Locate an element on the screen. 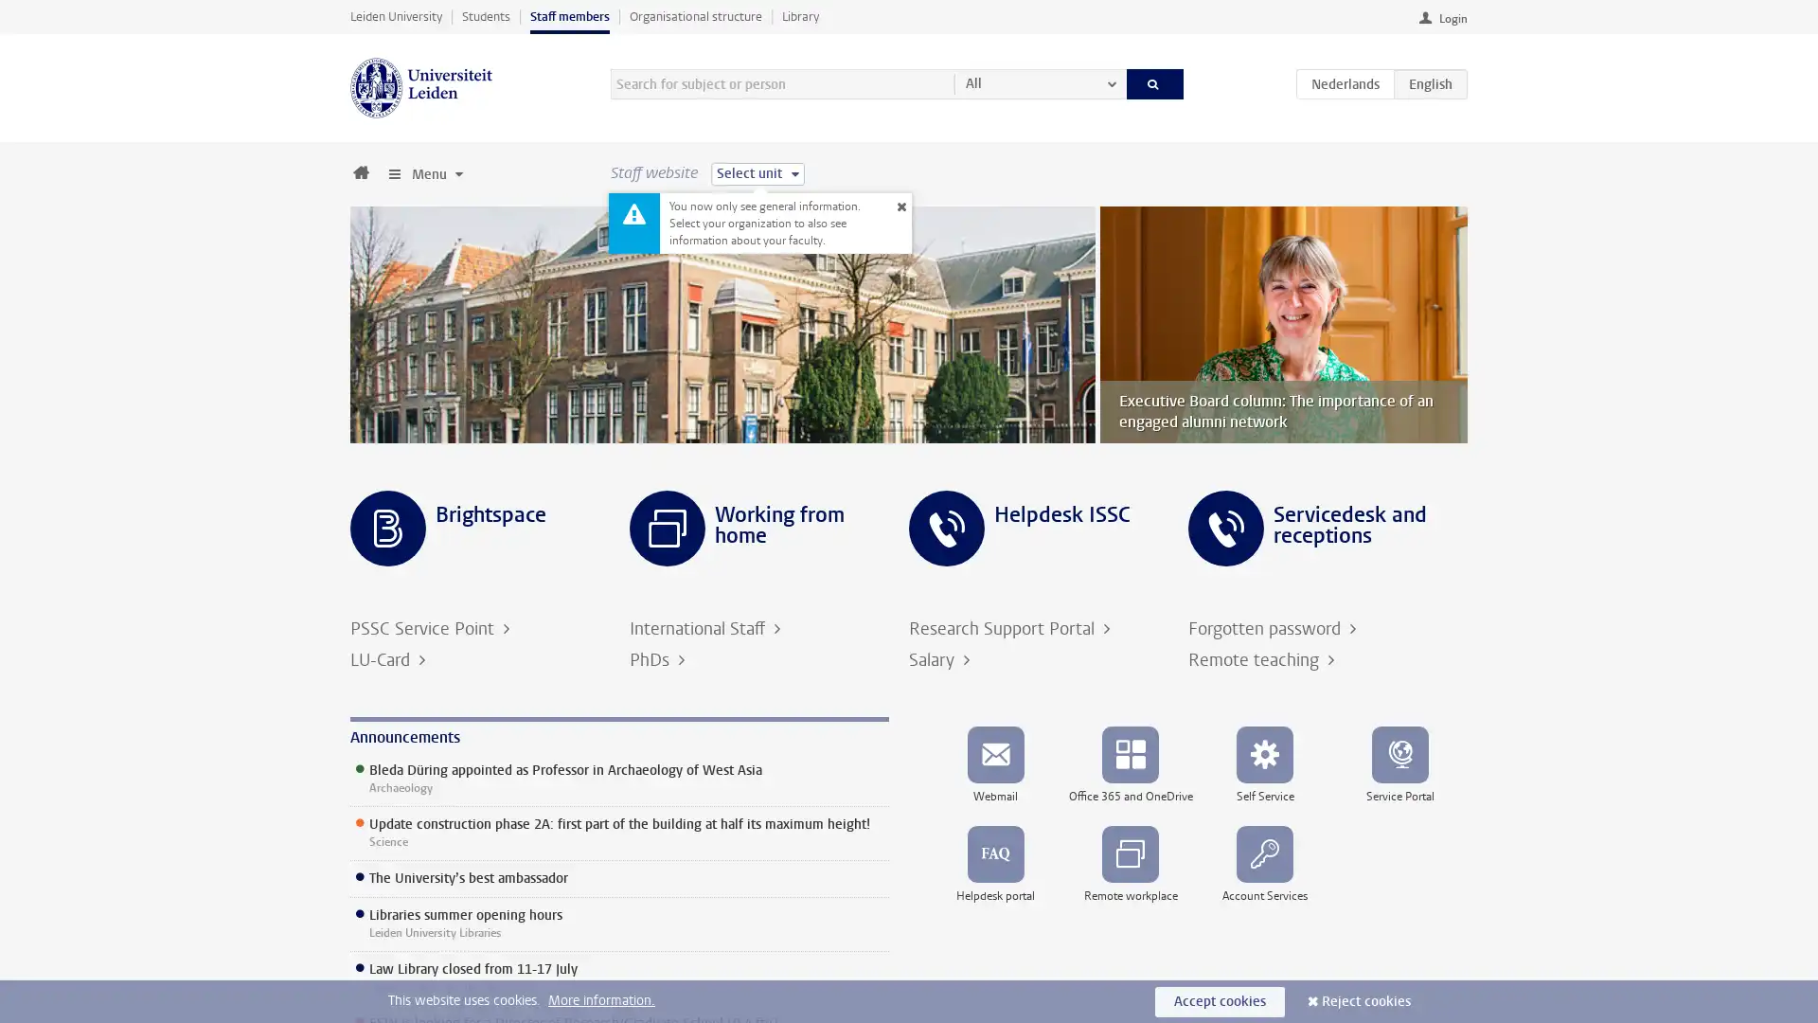 The height and width of the screenshot is (1023, 1818). All is located at coordinates (1039, 82).